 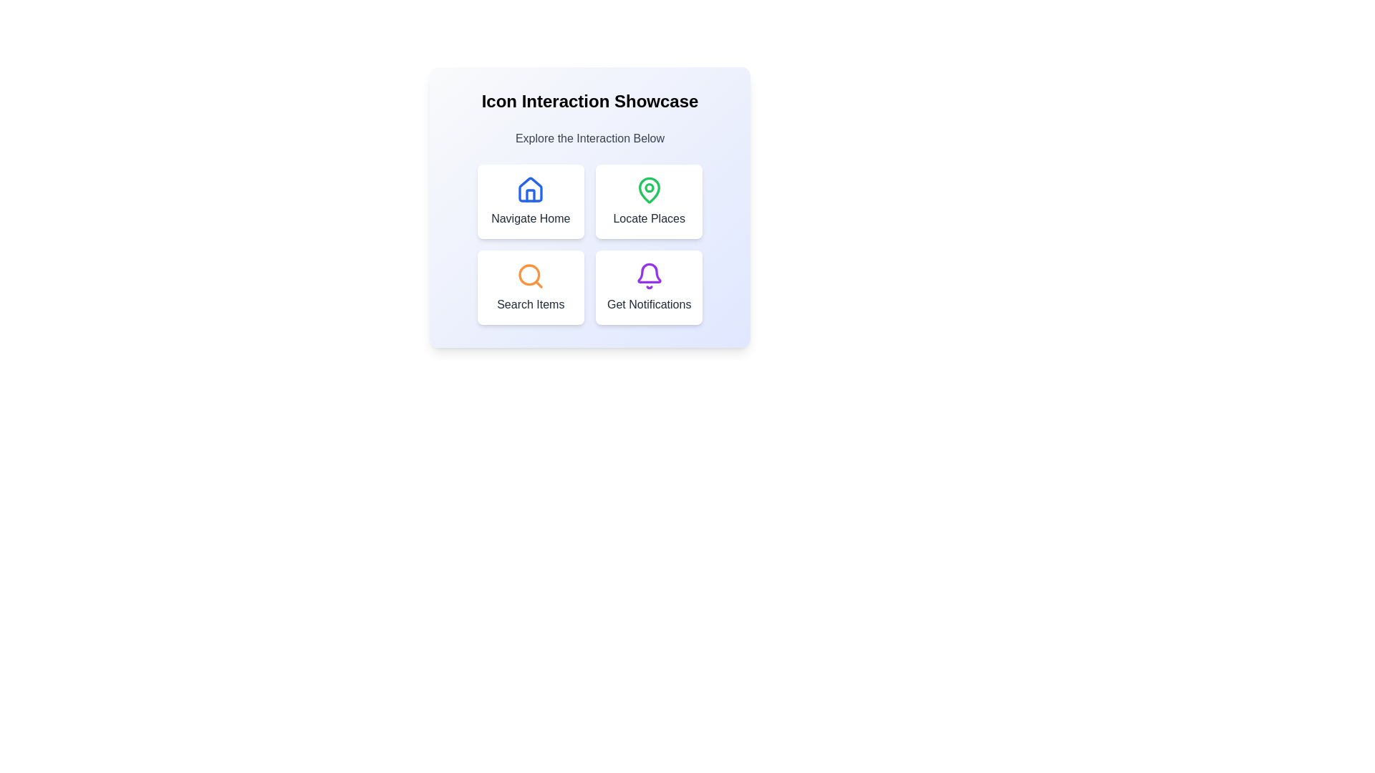 I want to click on the button located in the second column of the second row in the grid layout, just below the 'Locate Places' button, so click(x=648, y=287).